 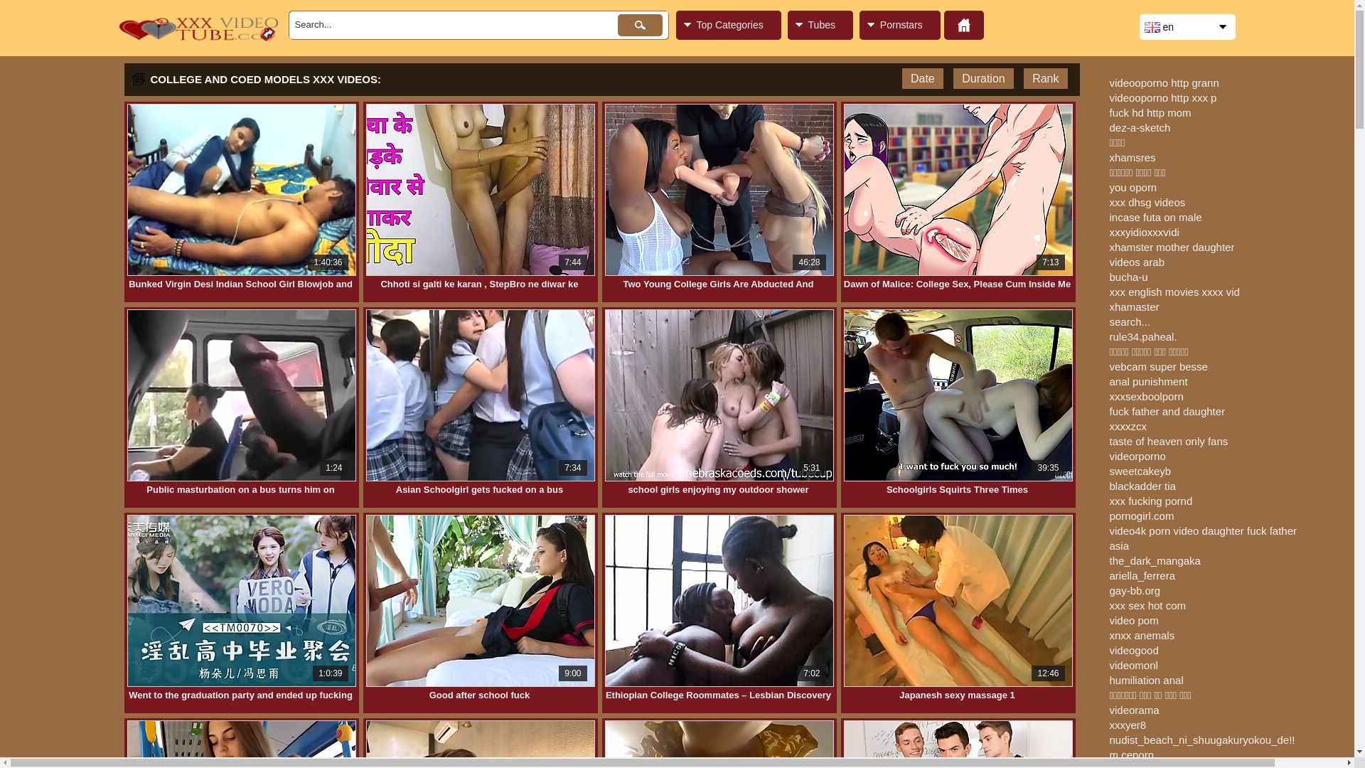 I want to click on 'asia', so click(x=1108, y=545).